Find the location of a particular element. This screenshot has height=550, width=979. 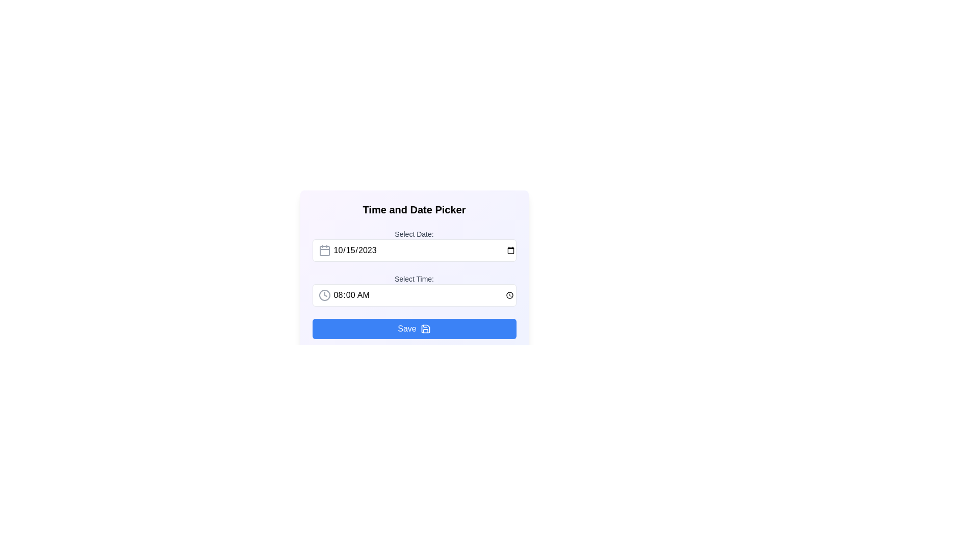

the calendar icon located to the left of the 'Select Date' input field, which is rectangular with gray outlines and two straps at the top is located at coordinates (324, 251).